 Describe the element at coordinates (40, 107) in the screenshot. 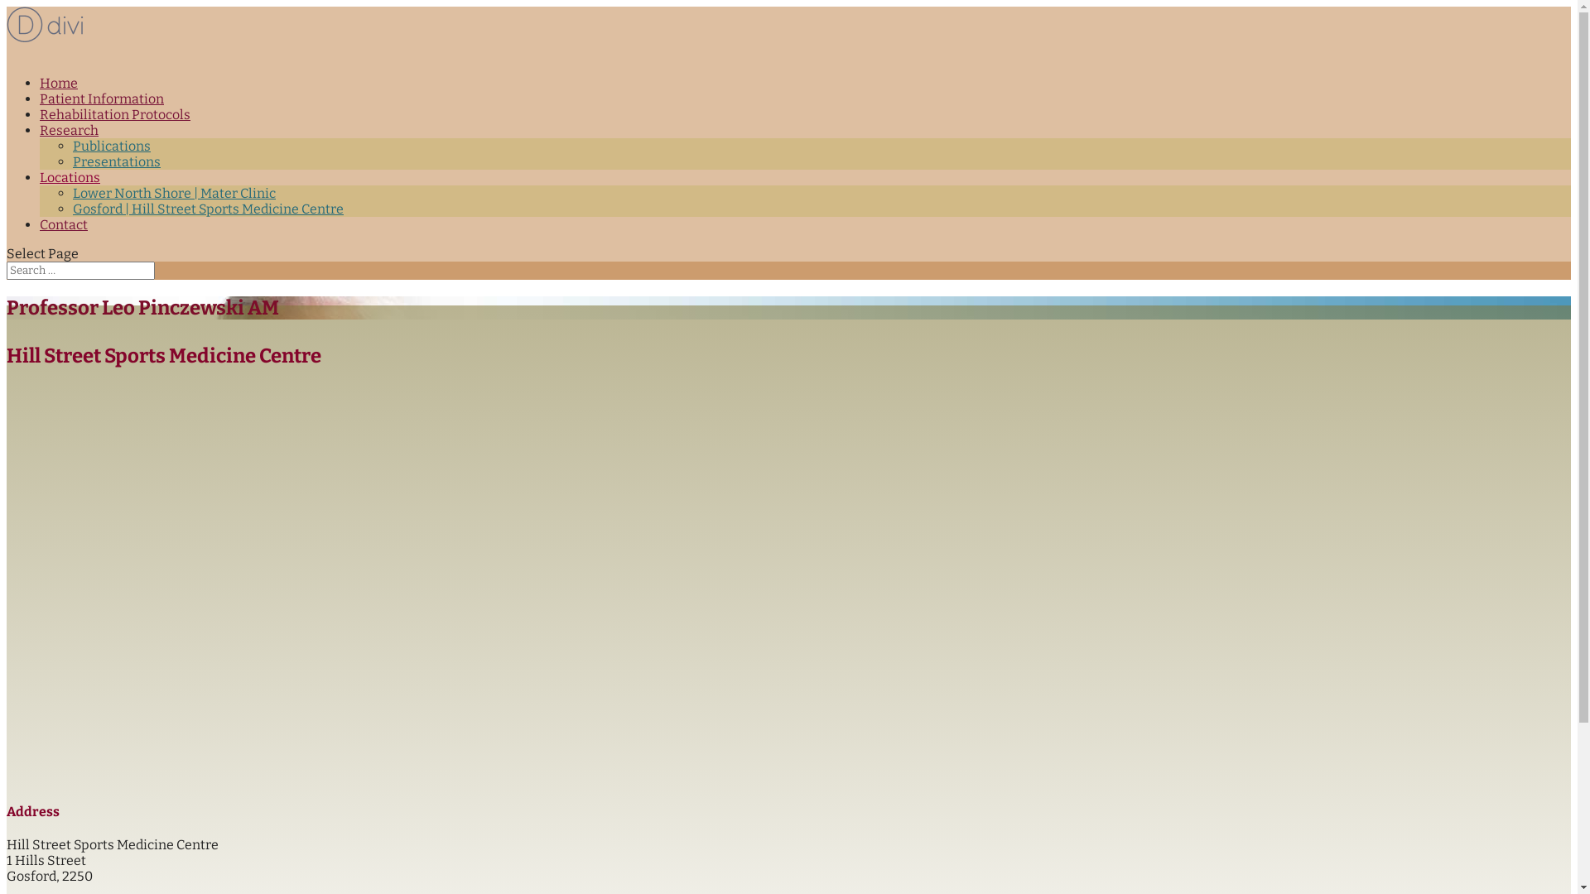

I see `'Patient Information'` at that location.